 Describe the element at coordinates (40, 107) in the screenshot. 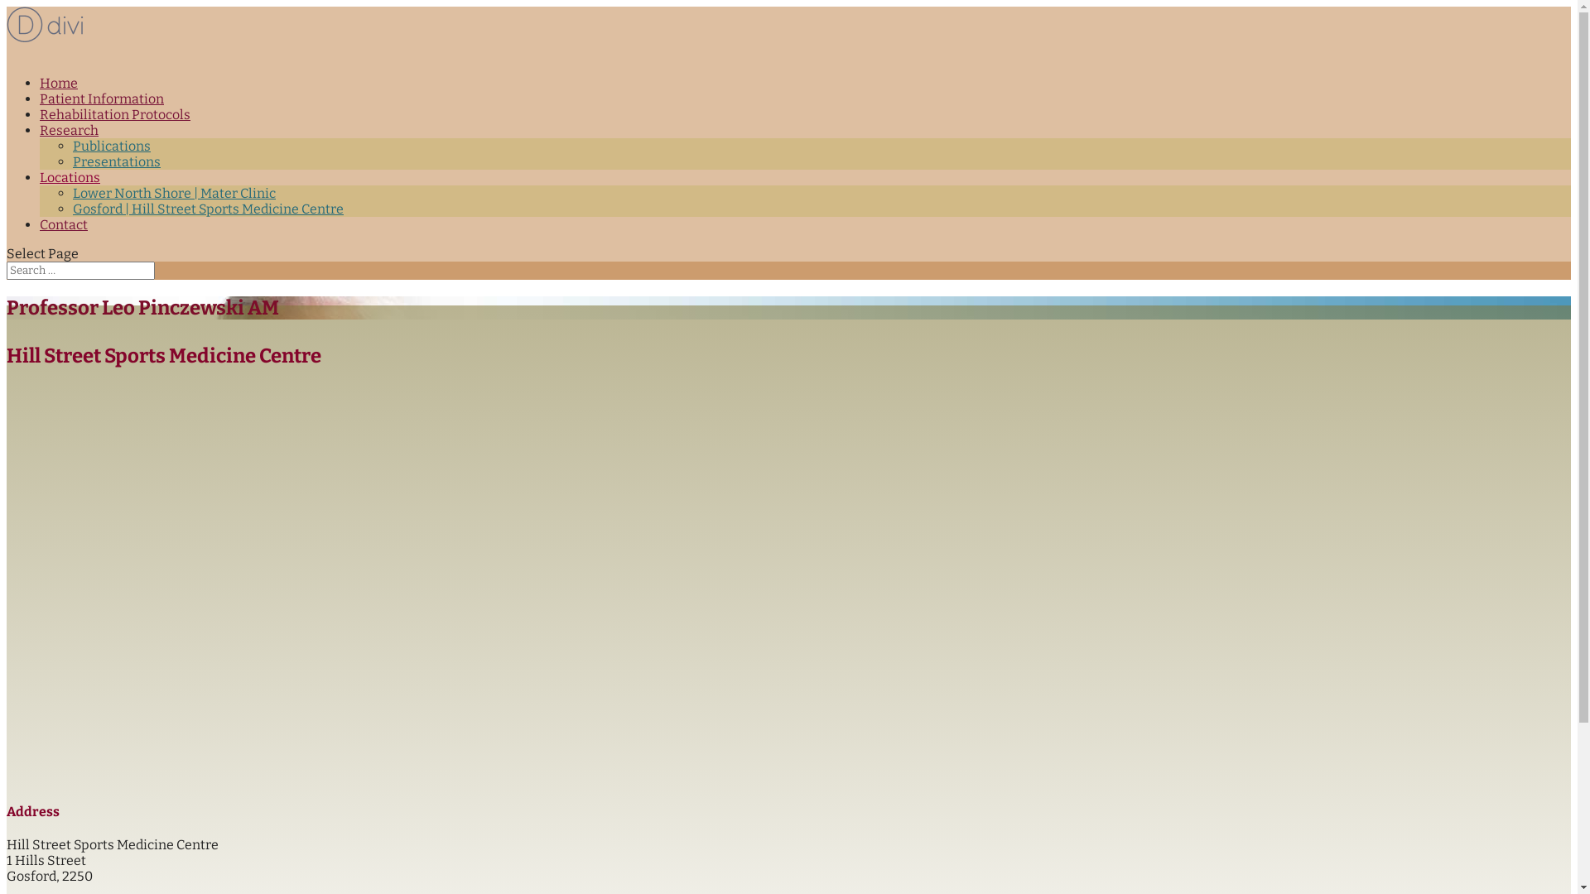

I see `'Patient Information'` at that location.